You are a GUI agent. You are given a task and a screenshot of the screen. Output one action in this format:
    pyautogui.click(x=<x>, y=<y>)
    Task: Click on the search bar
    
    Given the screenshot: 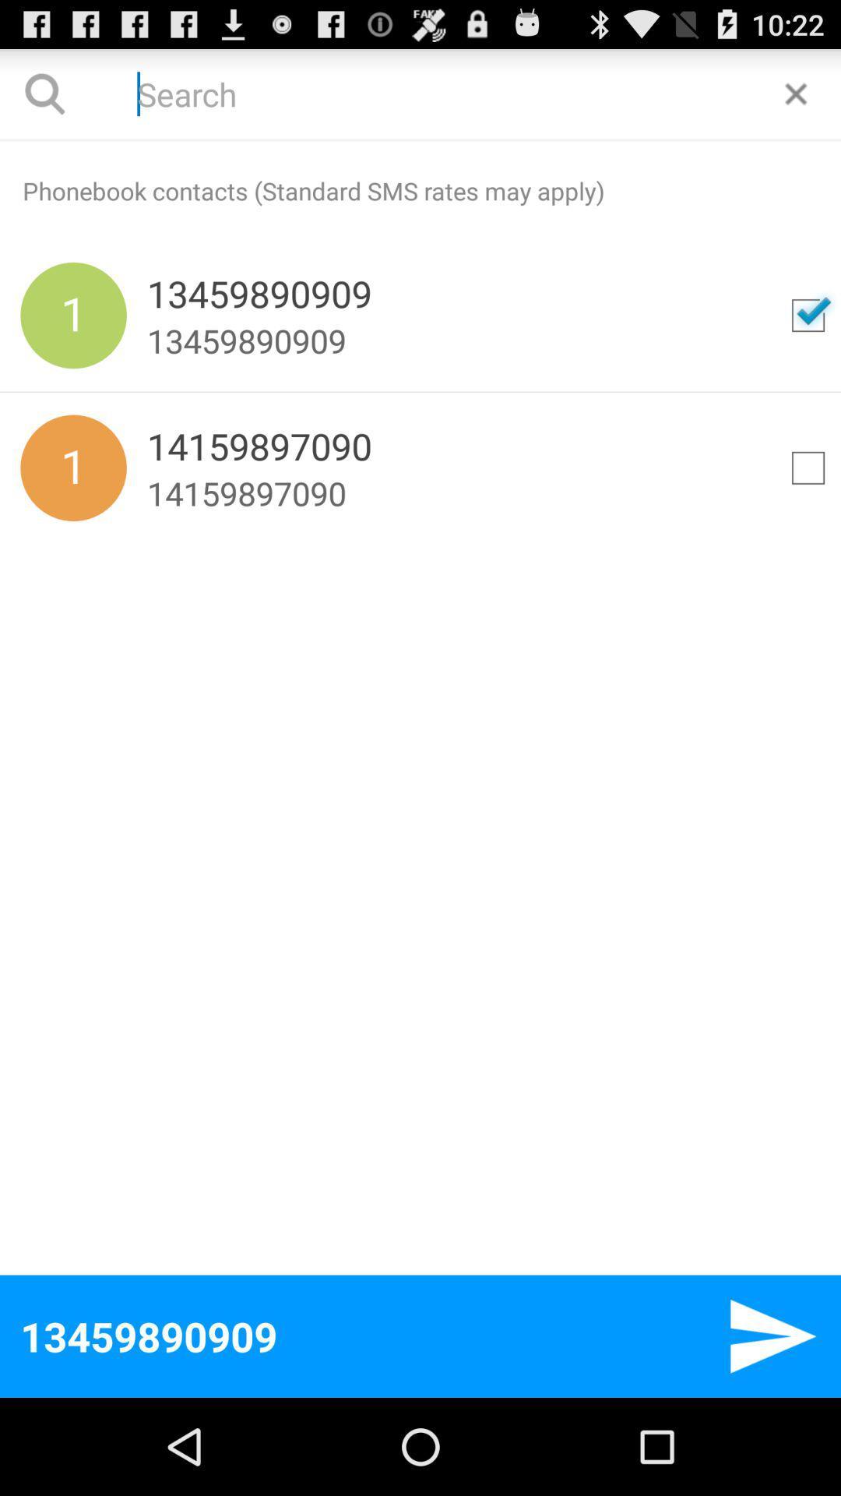 What is the action you would take?
    pyautogui.click(x=796, y=93)
    